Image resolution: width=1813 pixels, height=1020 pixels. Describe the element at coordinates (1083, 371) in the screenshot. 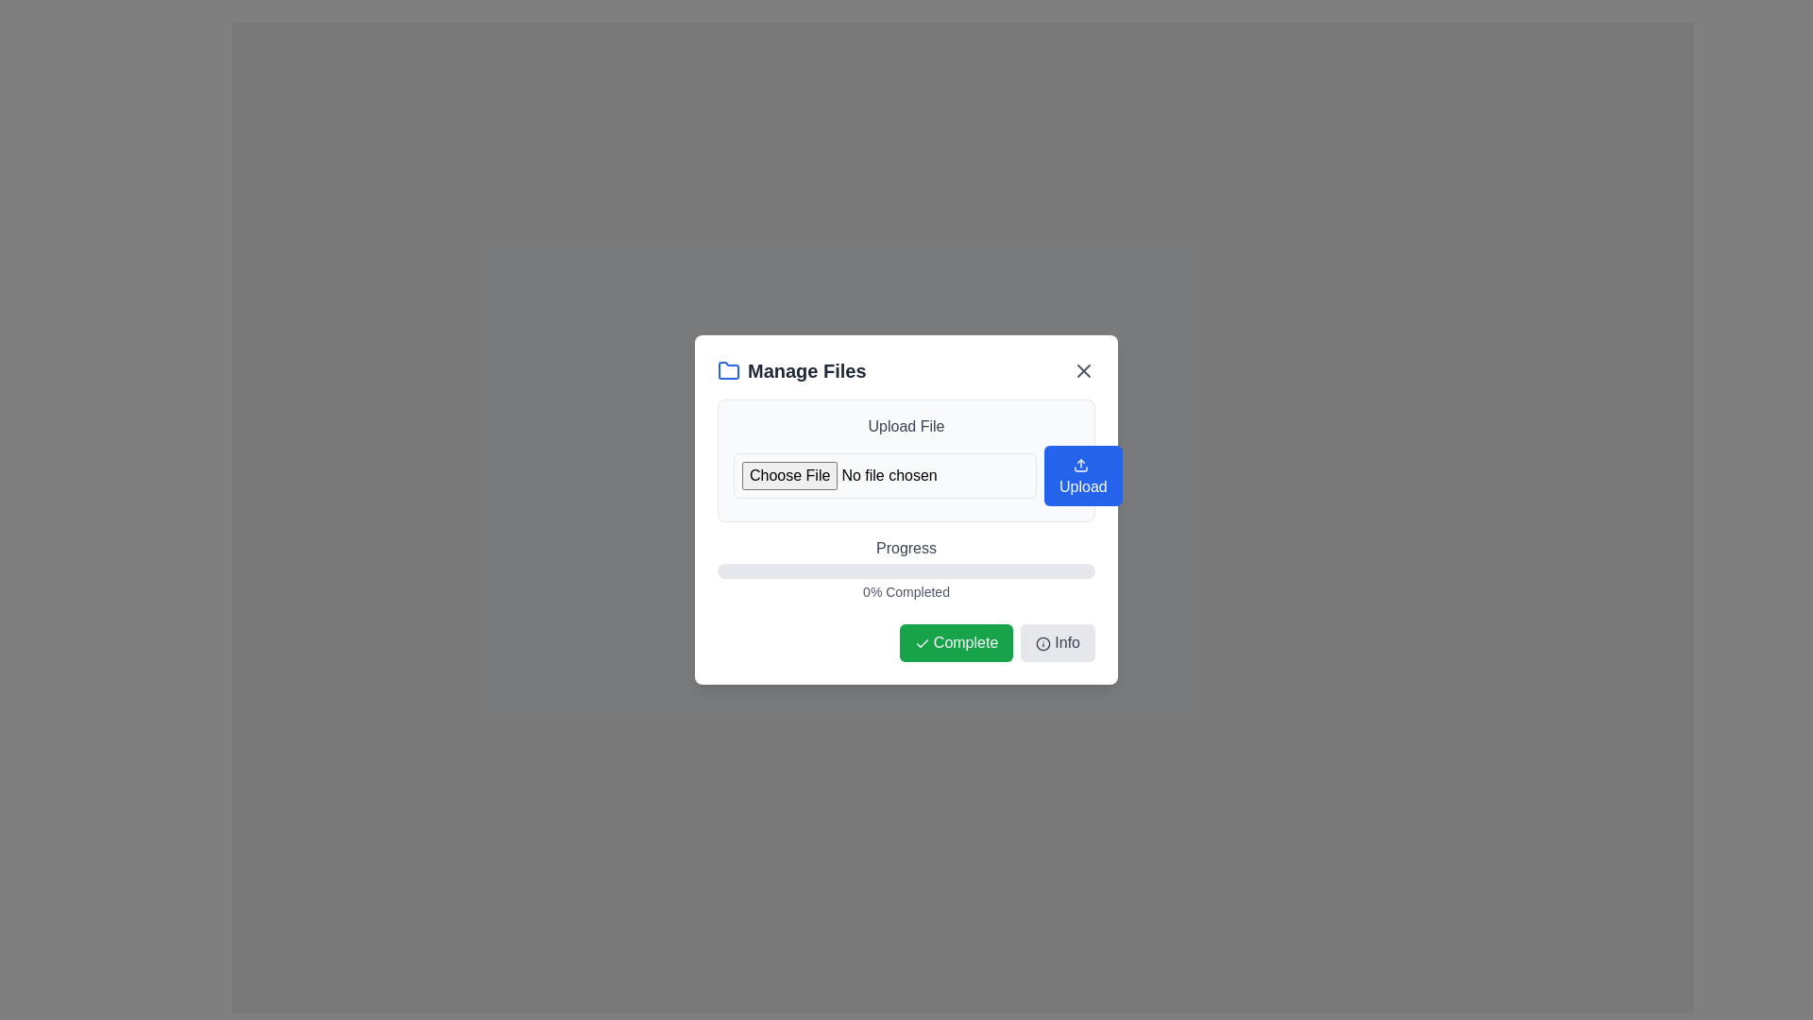

I see `the close button icon (an 'X' symbol) located in the top-right corner of the 'Manage Files' modal` at that location.